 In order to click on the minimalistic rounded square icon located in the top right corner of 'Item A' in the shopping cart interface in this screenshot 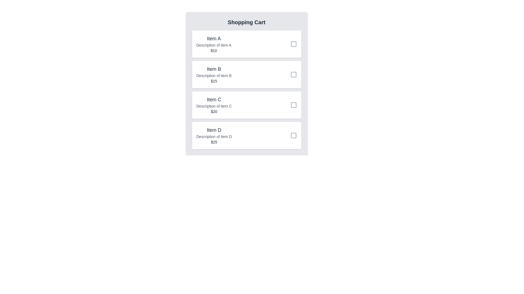, I will do `click(293, 44)`.